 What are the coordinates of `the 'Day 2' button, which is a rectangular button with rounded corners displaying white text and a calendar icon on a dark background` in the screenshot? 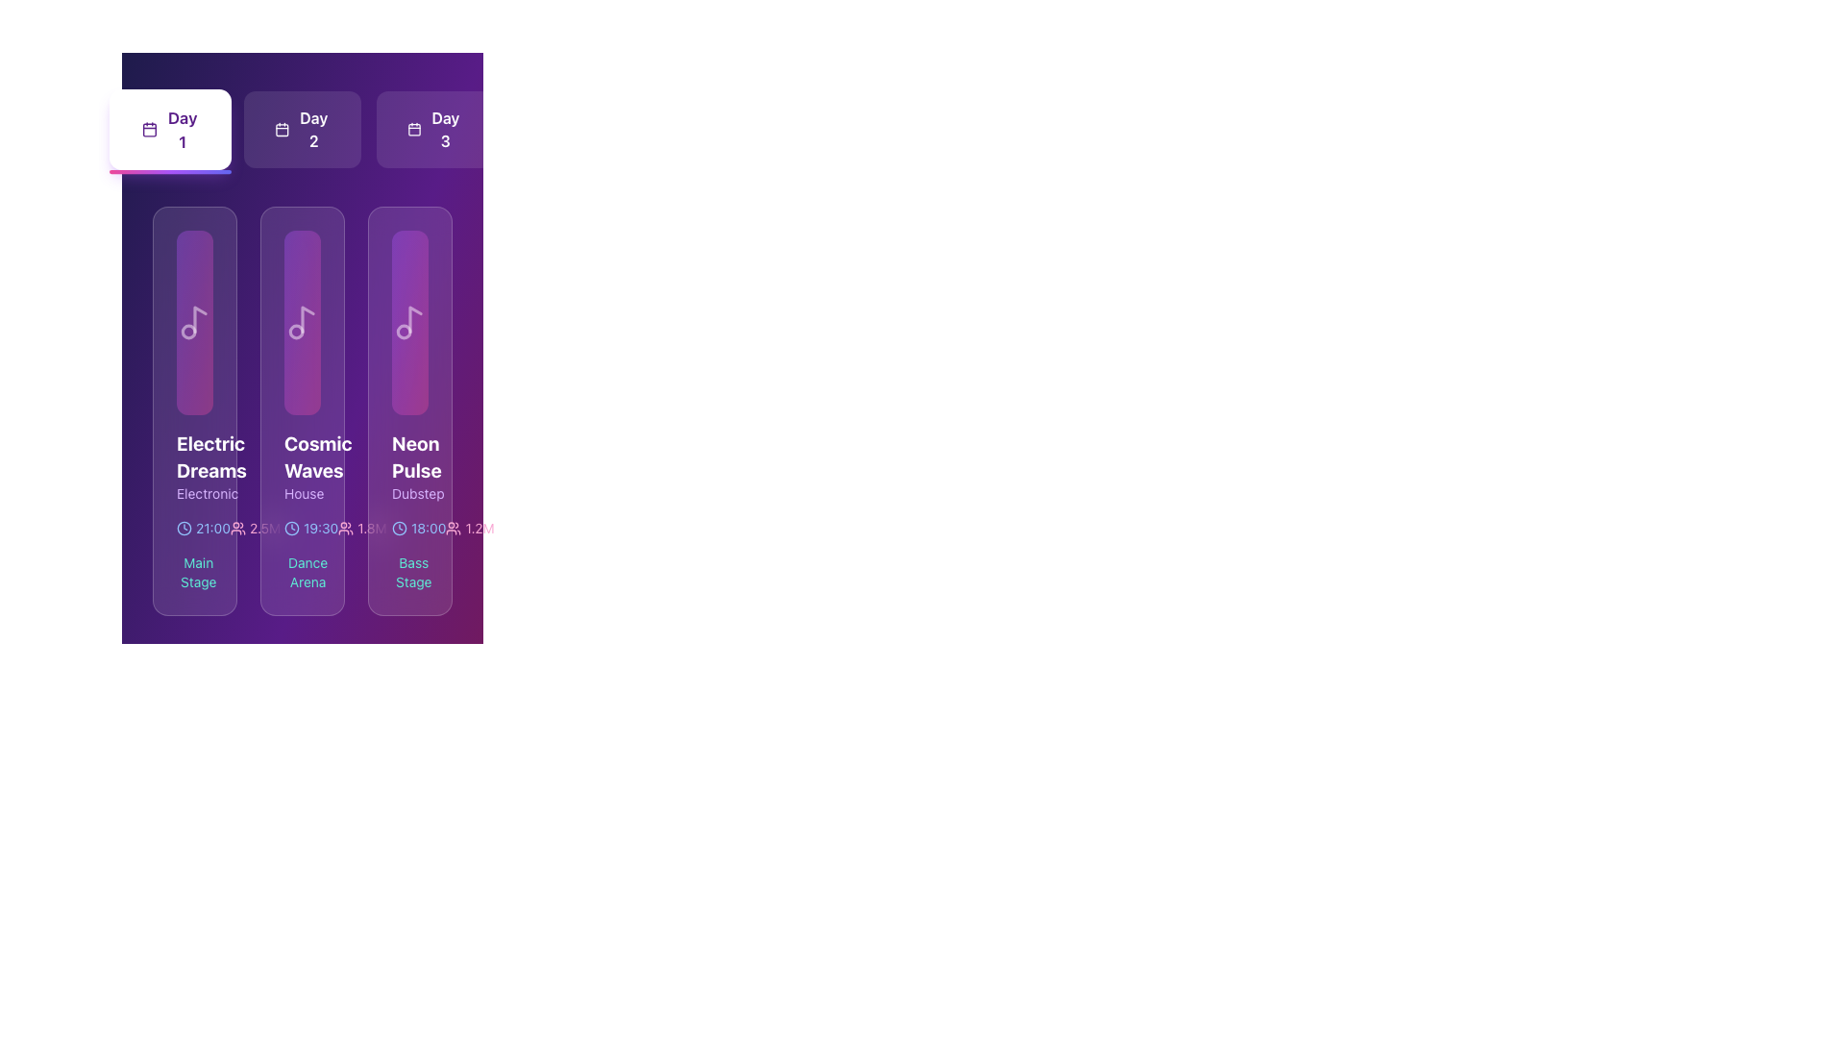 It's located at (302, 130).